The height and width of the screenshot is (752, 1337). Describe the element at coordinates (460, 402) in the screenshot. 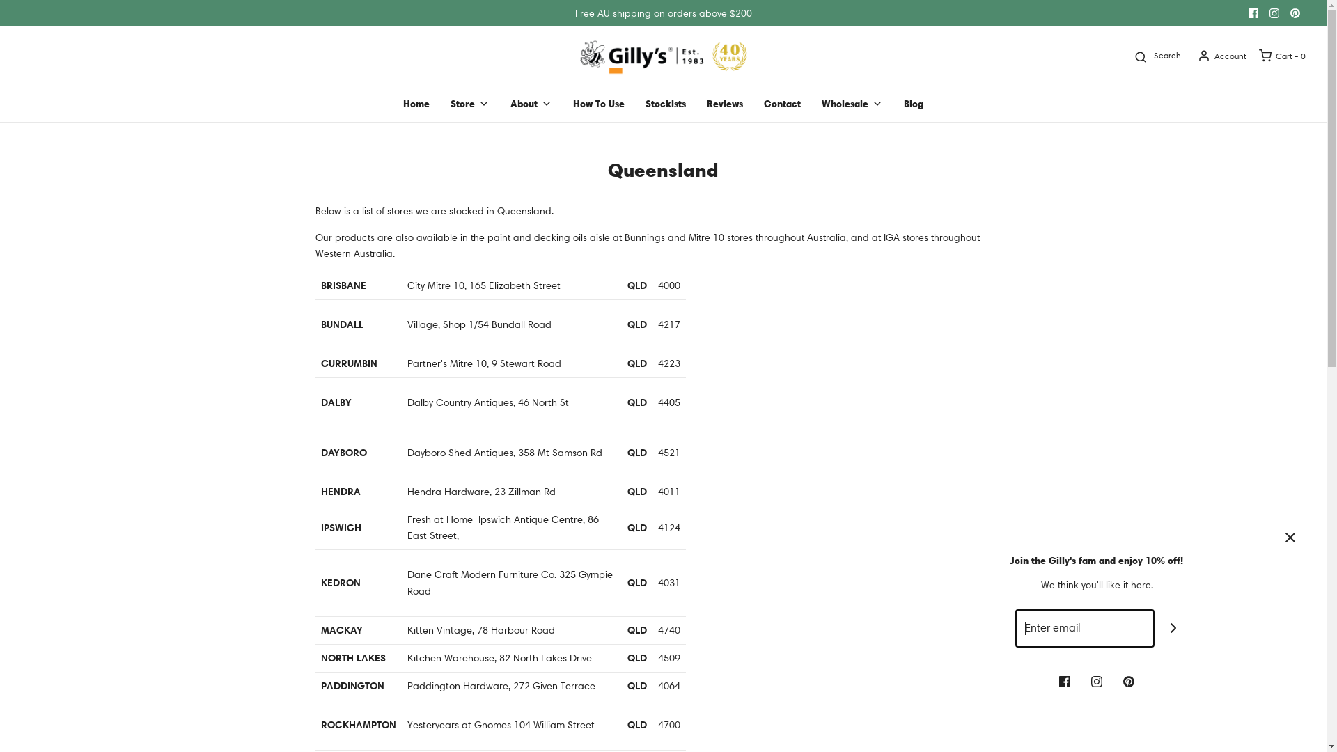

I see `'Dalby Country Antiques'` at that location.